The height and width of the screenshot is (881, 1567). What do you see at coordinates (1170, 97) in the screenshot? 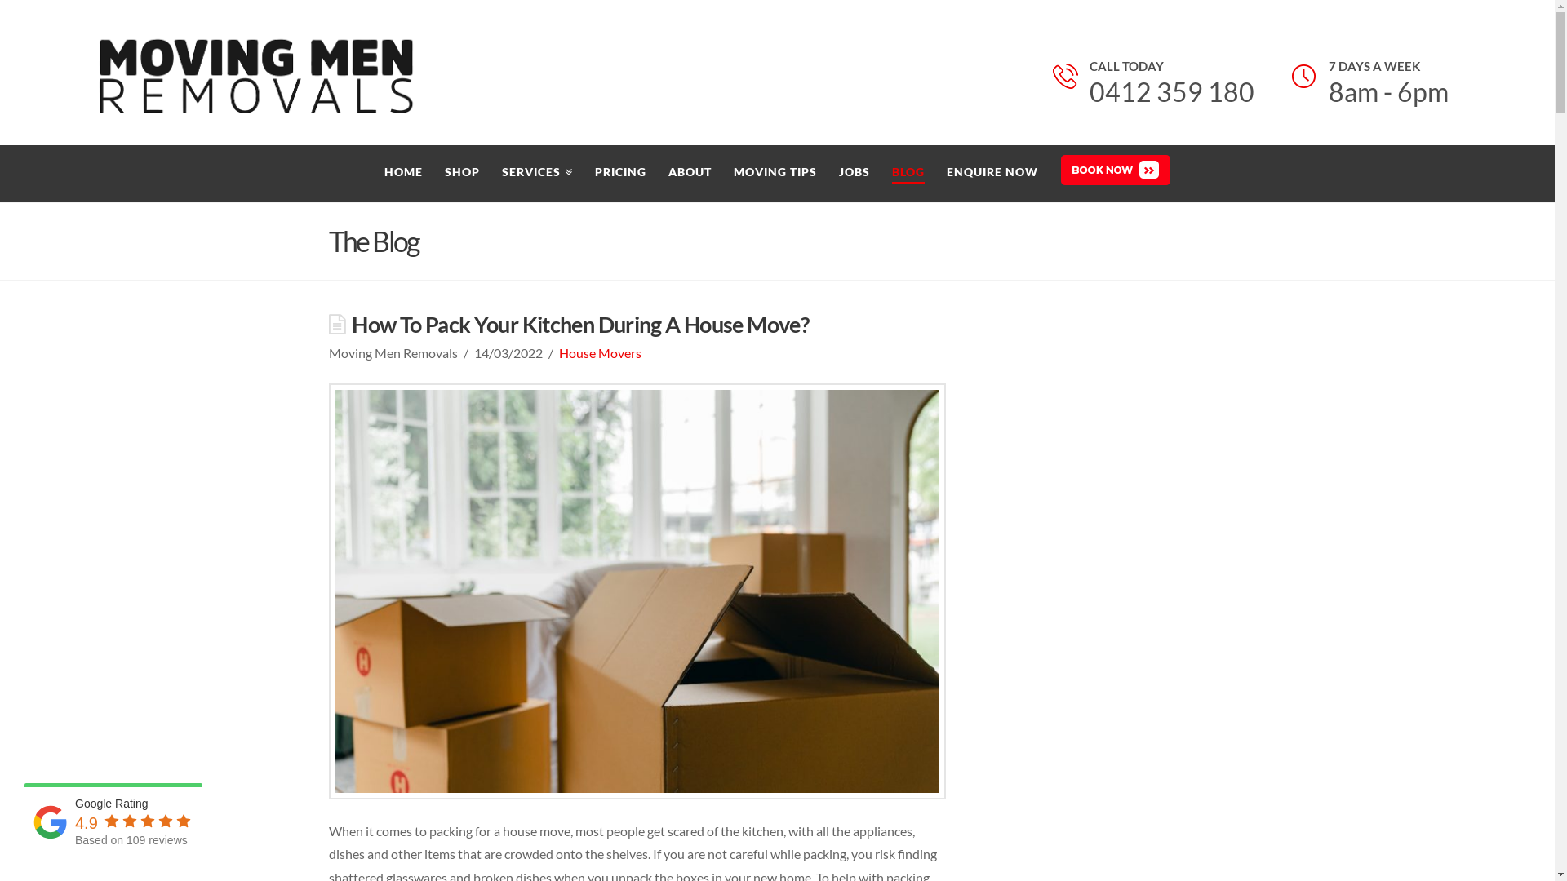
I see `'0412 359 180'` at bounding box center [1170, 97].